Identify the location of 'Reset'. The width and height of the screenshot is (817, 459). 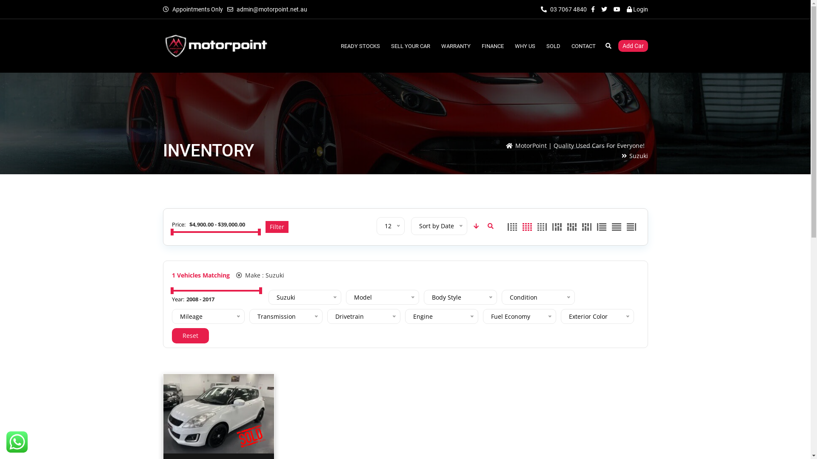
(190, 335).